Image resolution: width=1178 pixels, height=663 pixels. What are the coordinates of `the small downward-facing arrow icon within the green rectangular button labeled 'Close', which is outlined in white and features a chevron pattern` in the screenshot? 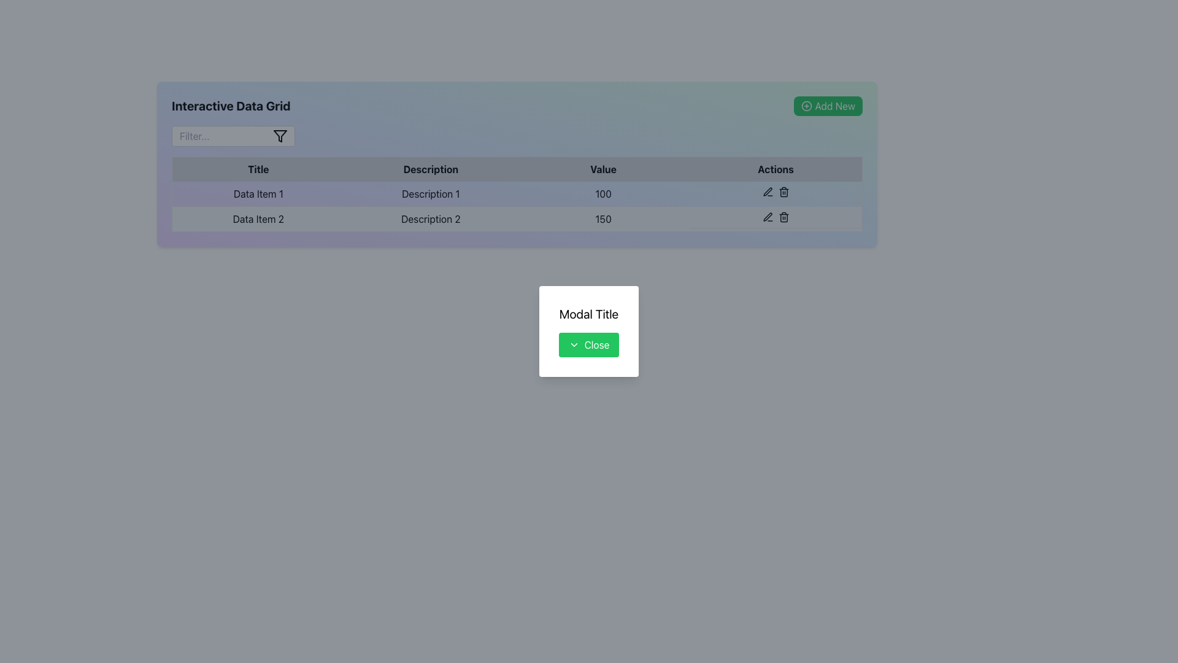 It's located at (573, 345).